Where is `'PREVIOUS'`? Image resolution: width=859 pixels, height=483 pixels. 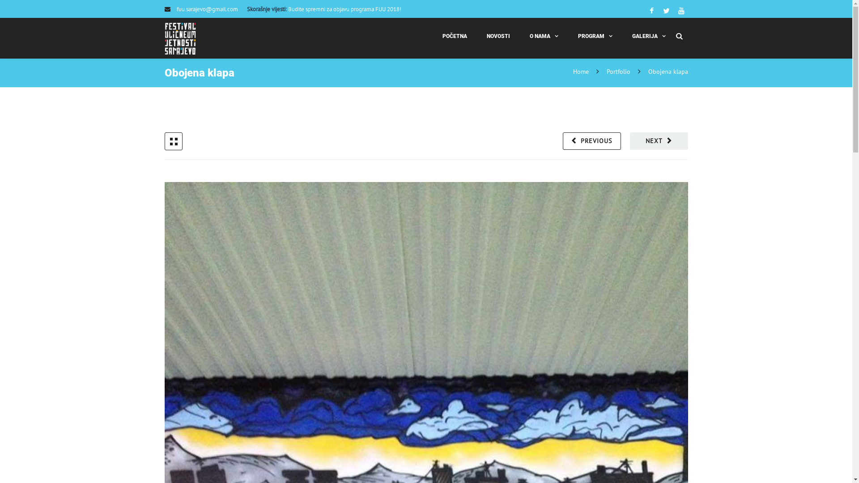
'PREVIOUS' is located at coordinates (592, 141).